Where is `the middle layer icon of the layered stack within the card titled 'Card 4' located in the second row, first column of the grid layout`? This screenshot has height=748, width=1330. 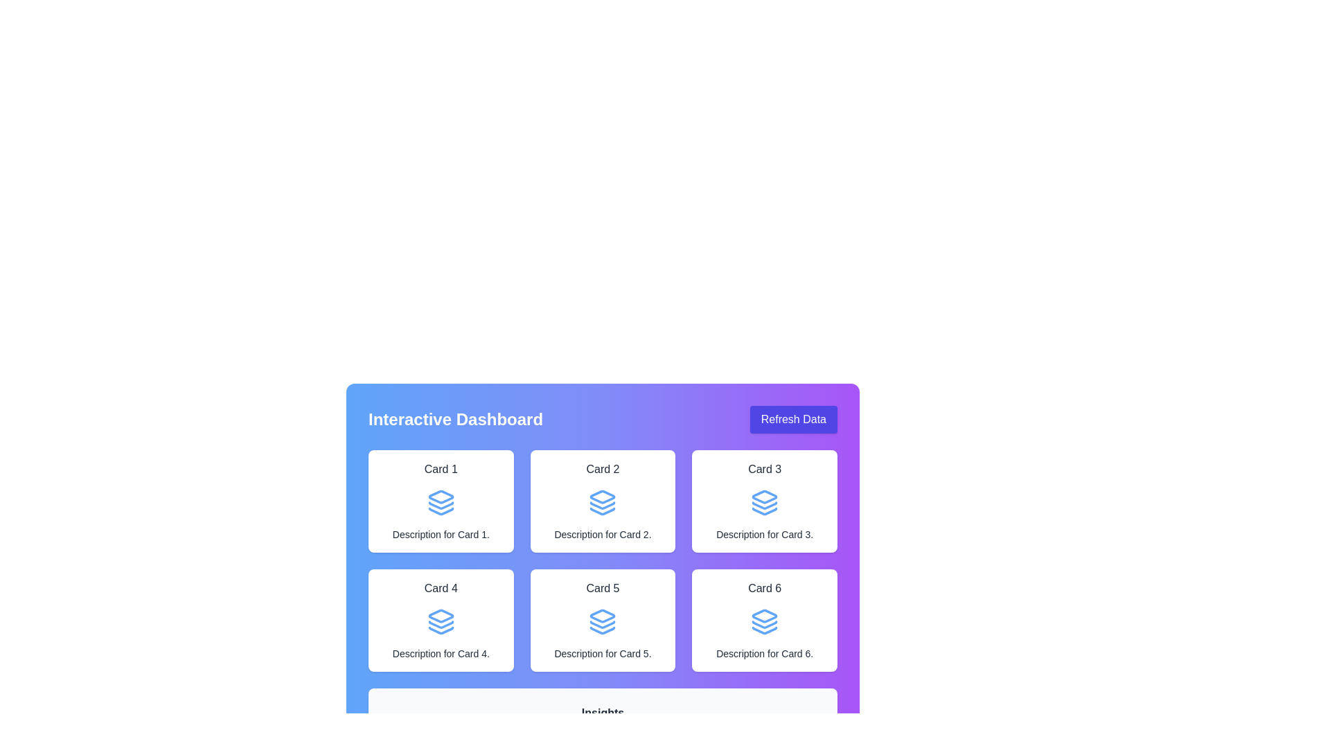
the middle layer icon of the layered stack within the card titled 'Card 4' located in the second row, first column of the grid layout is located at coordinates (440, 625).